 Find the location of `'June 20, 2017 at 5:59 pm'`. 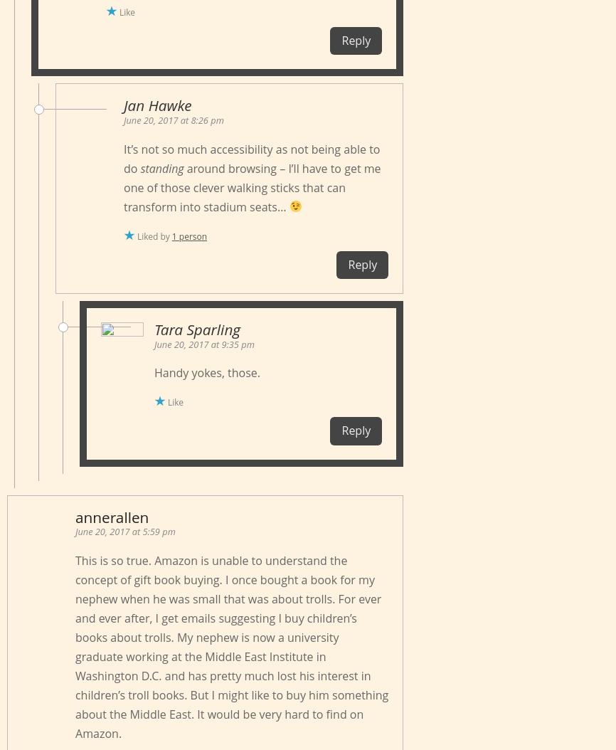

'June 20, 2017 at 5:59 pm' is located at coordinates (124, 531).